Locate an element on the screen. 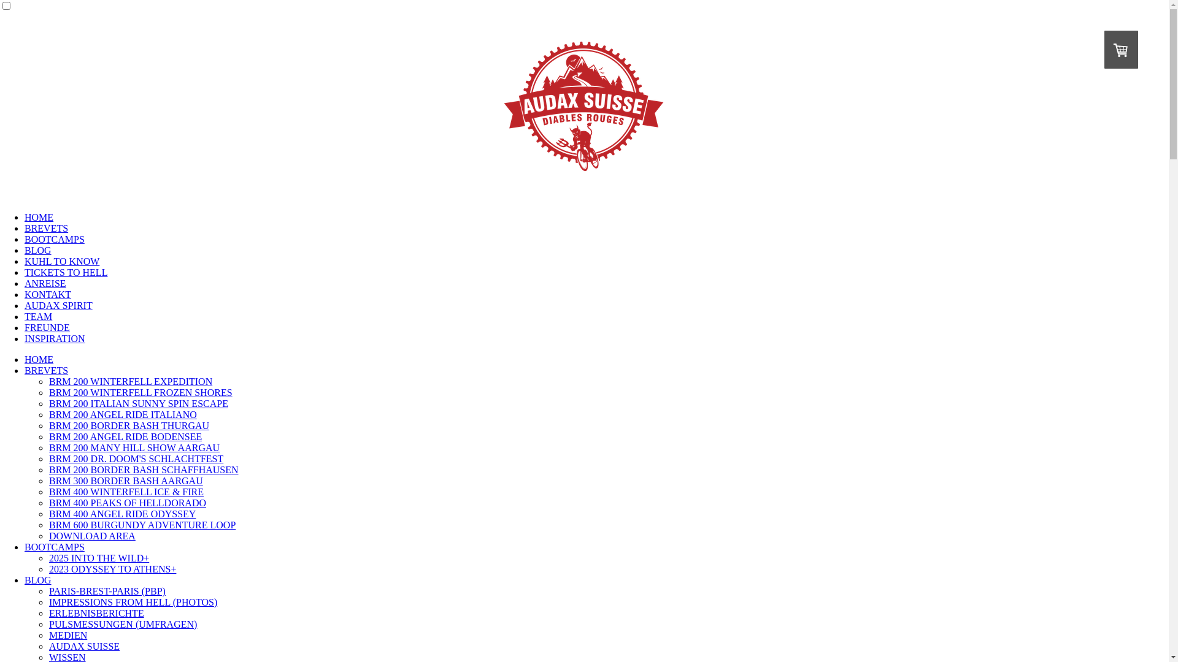 This screenshot has height=662, width=1178. 'KUHL TO KNOW' is located at coordinates (24, 261).